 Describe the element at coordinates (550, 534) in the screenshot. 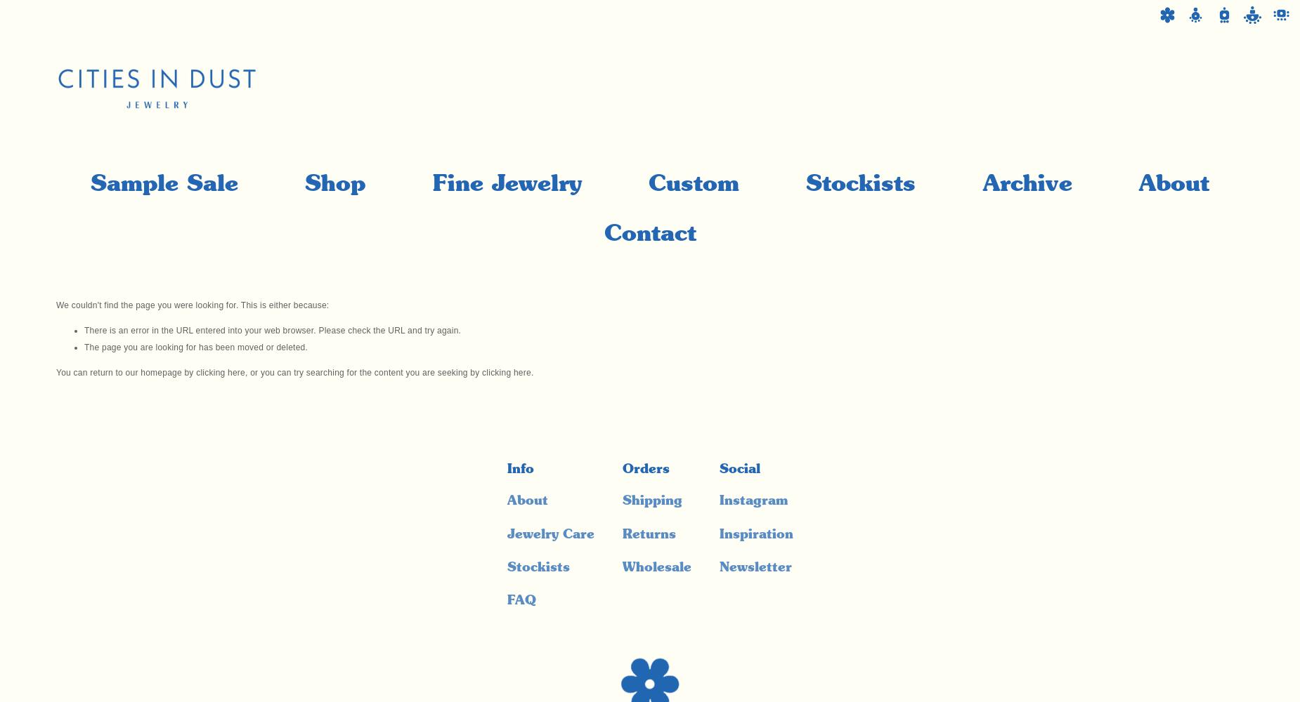

I see `'Jewelry Care'` at that location.